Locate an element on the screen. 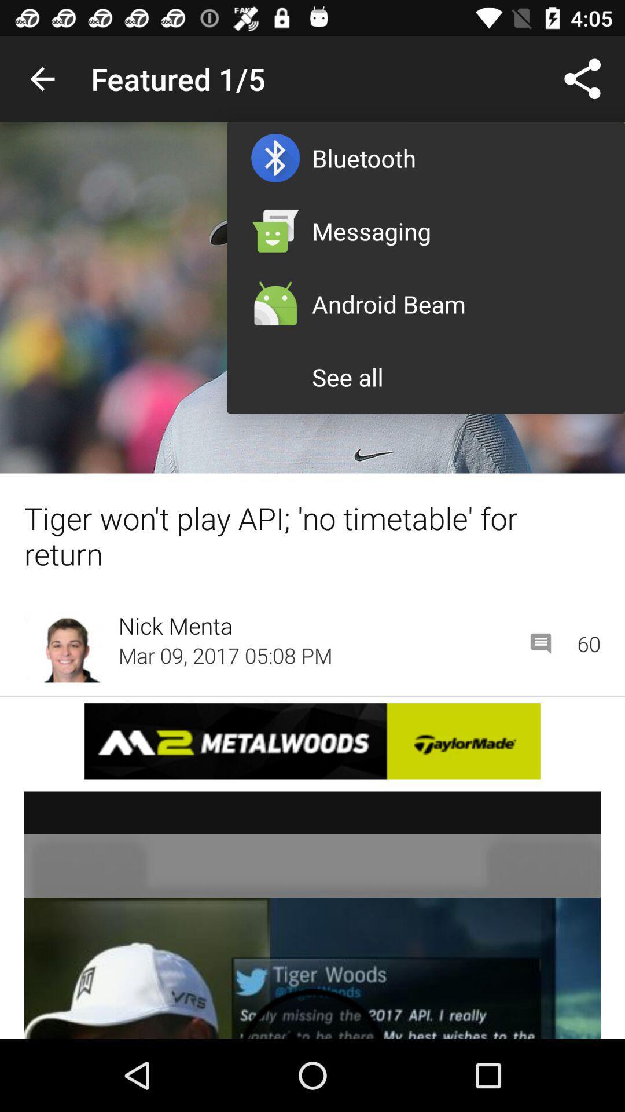 The width and height of the screenshot is (625, 1112). advertisement page is located at coordinates (312, 740).